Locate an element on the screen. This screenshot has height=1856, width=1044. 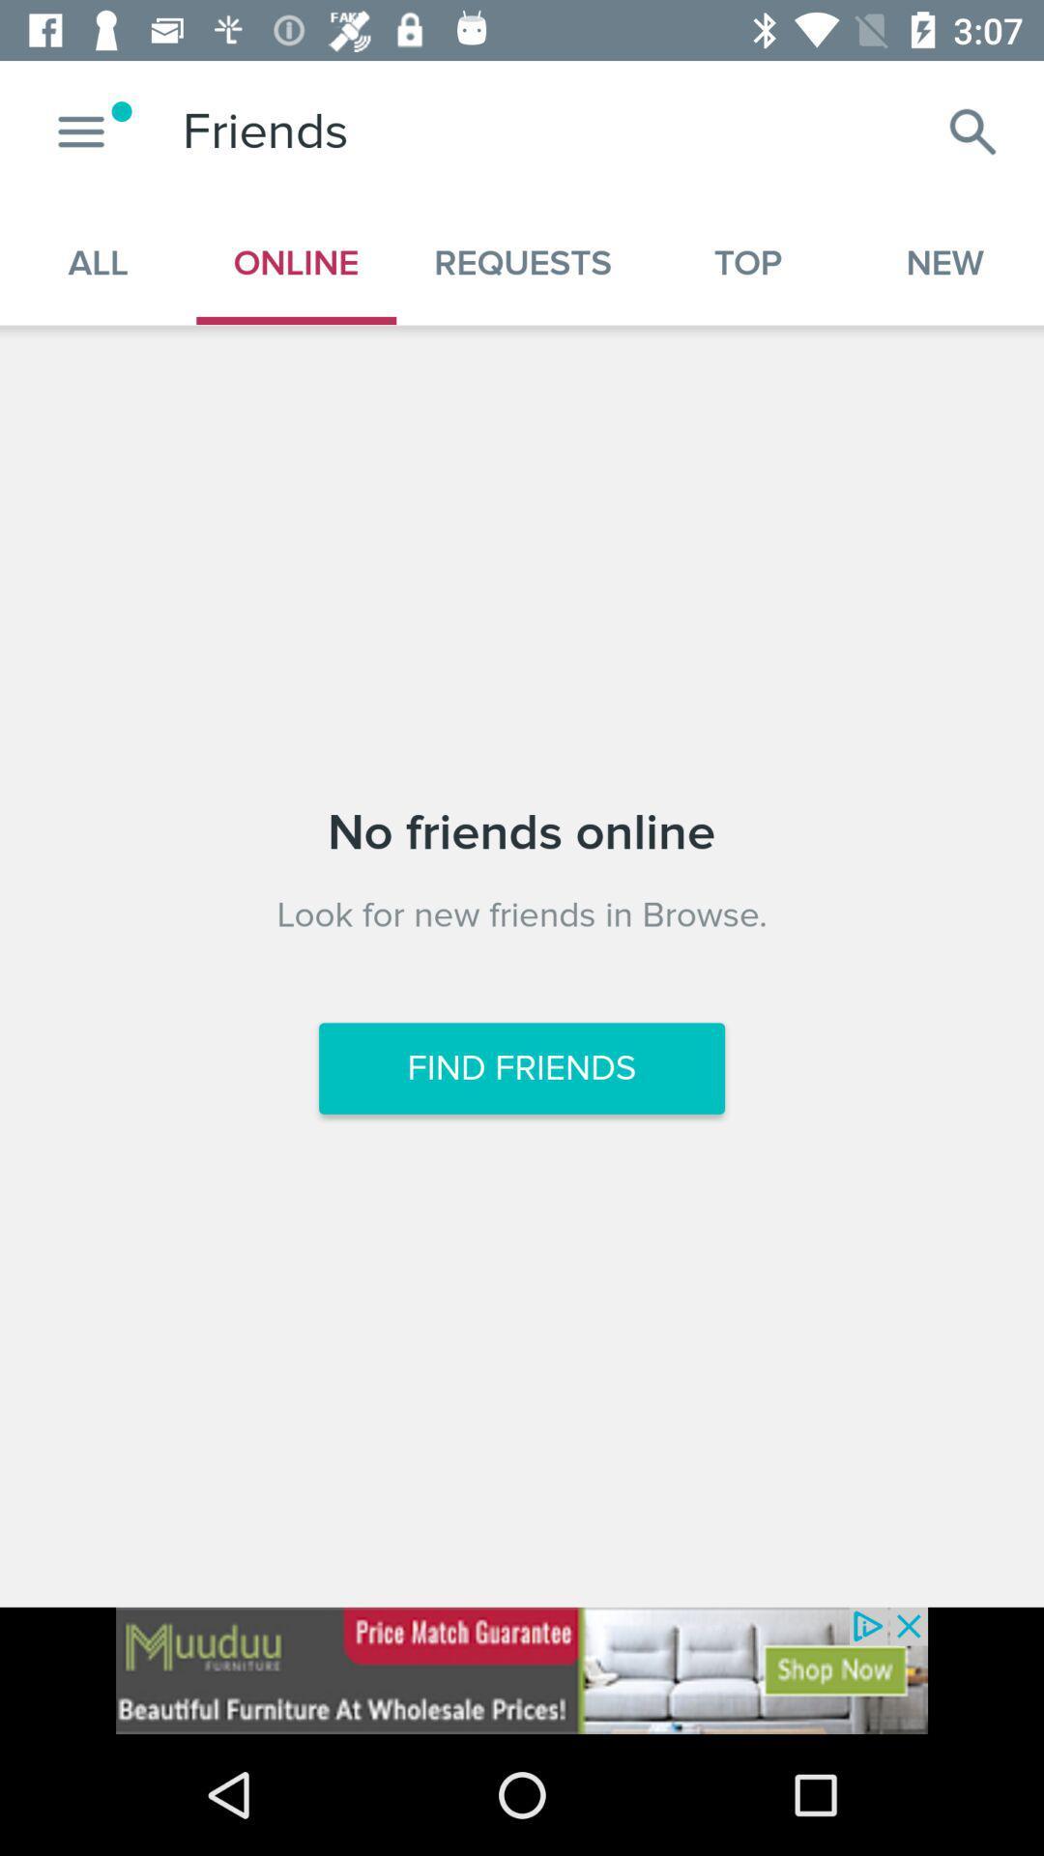
friends online is located at coordinates (522, 1669).